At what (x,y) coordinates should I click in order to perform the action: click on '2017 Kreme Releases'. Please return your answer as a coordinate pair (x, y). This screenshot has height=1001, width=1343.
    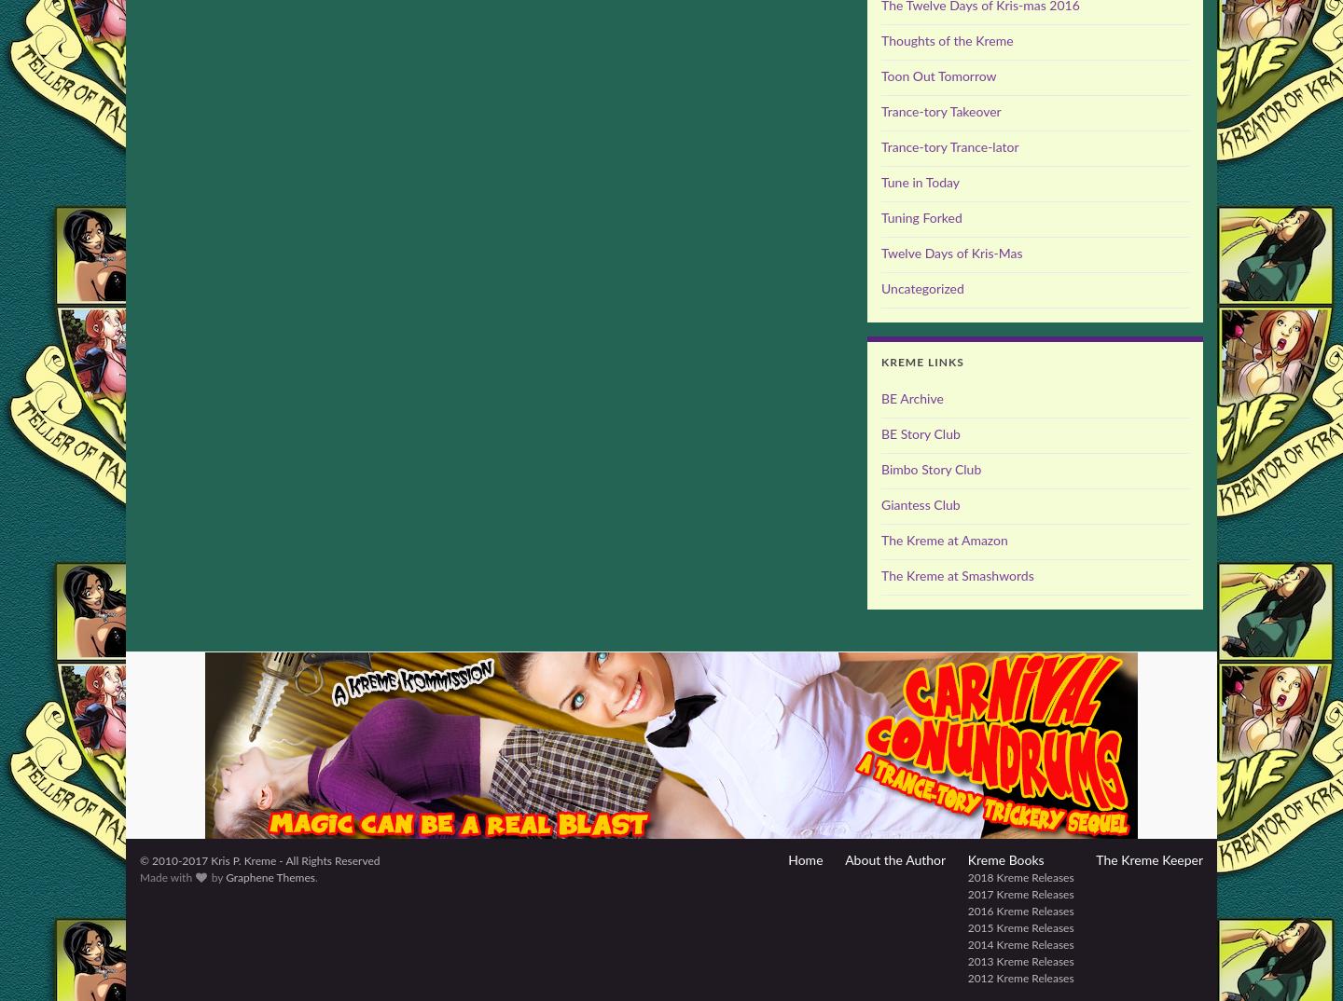
    Looking at the image, I should click on (1018, 895).